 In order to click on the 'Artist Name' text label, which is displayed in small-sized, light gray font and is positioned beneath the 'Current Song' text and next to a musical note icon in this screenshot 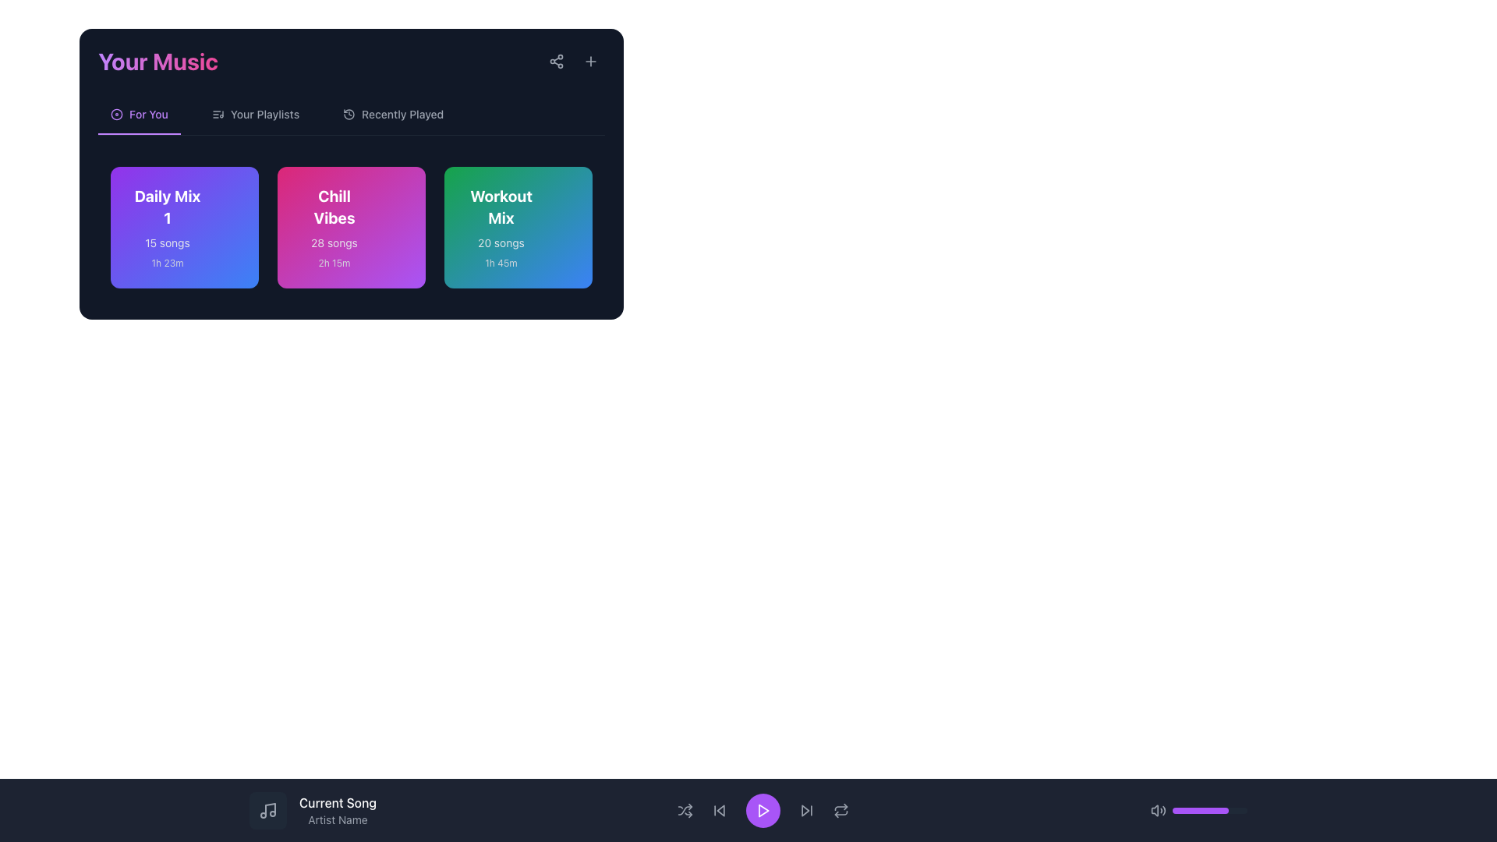, I will do `click(337, 819)`.